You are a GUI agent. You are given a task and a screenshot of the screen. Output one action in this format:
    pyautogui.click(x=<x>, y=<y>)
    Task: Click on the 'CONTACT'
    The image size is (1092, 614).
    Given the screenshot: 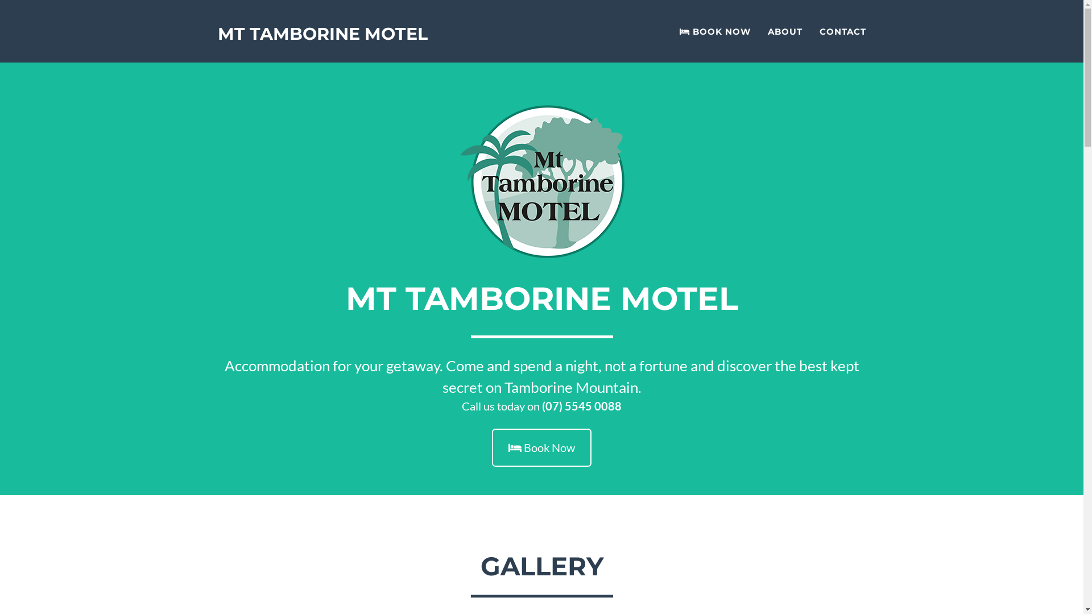 What is the action you would take?
    pyautogui.click(x=843, y=30)
    